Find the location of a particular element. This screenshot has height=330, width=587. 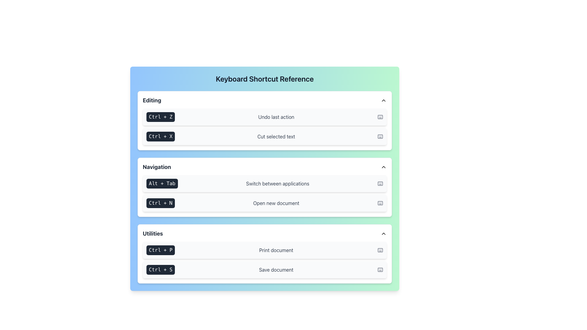

text from the Static Text Label that describes the keyboard shortcut functionality for 'Ctrl + N' in the Navigation section is located at coordinates (276, 203).